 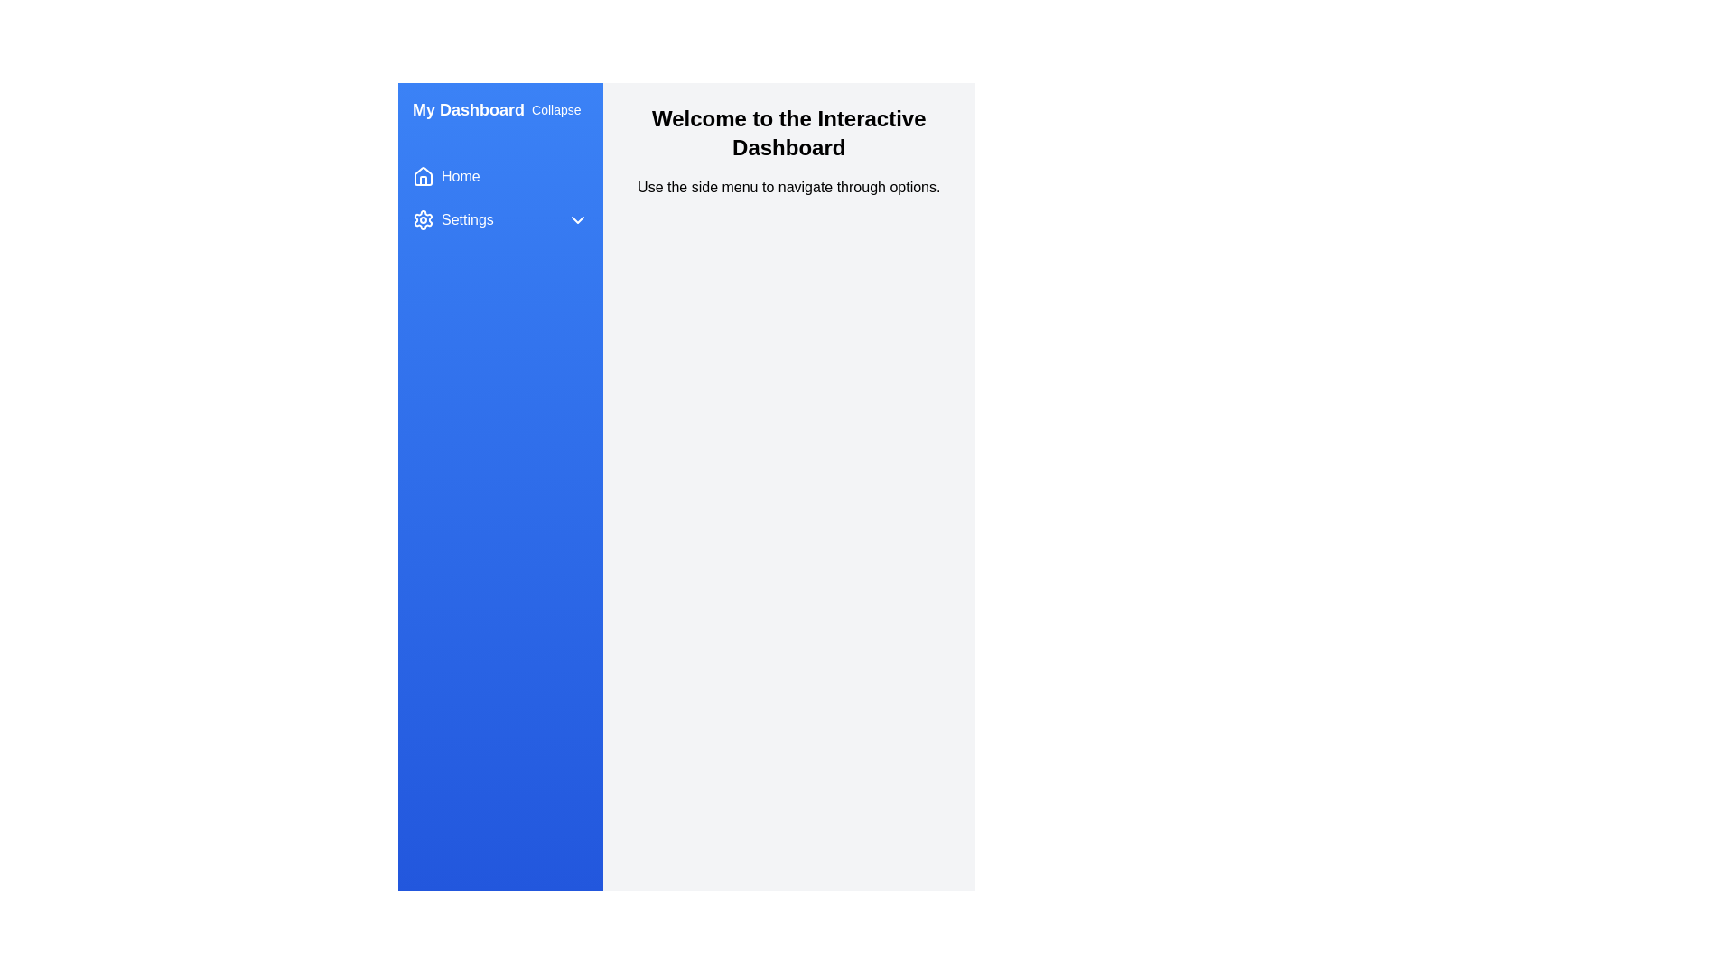 What do you see at coordinates (423, 181) in the screenshot?
I see `the small vertical rectangle resembling a part of a home icon, located at the top left of the application adjacent to the 'Home' menu item` at bounding box center [423, 181].